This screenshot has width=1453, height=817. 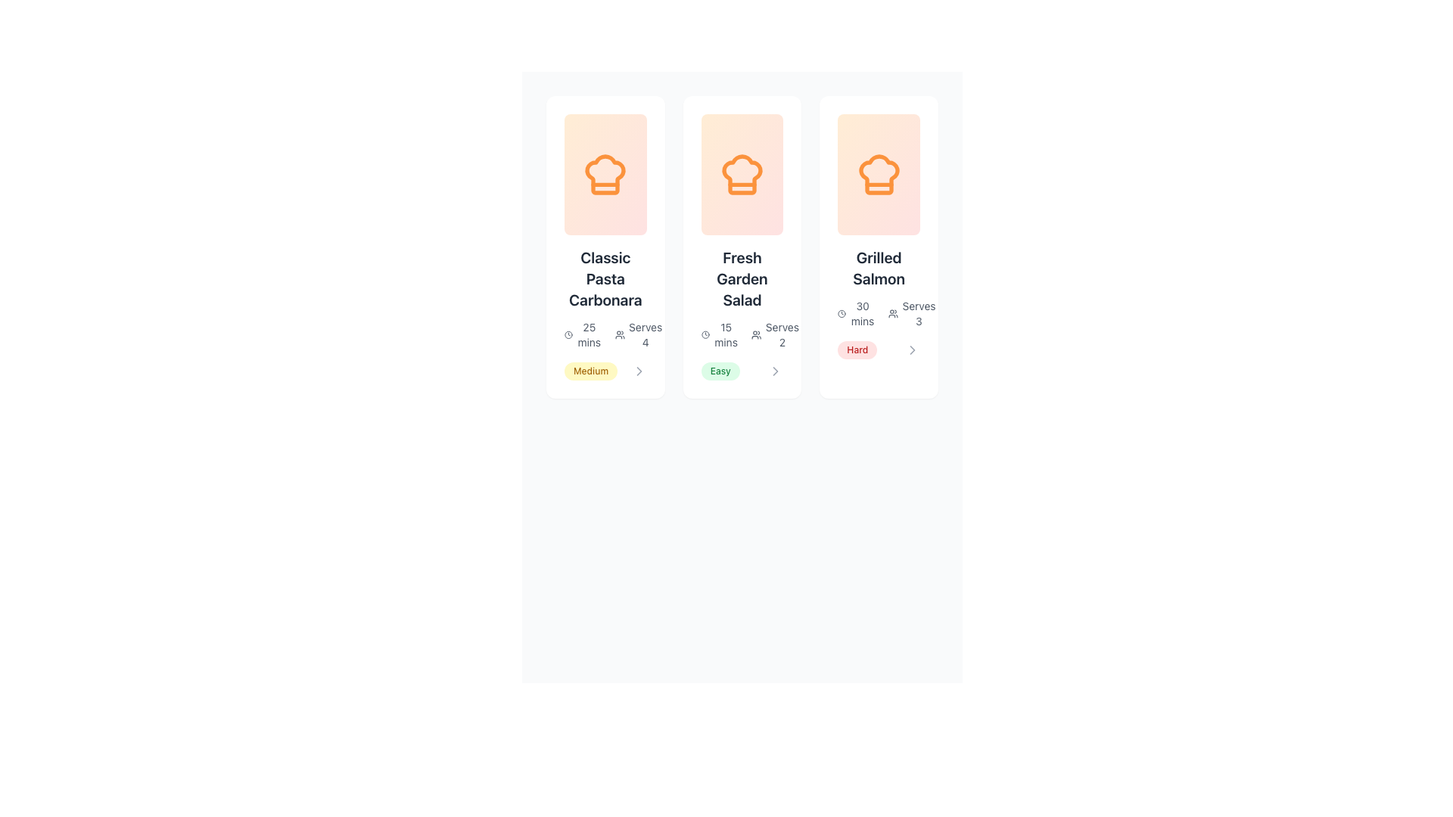 I want to click on the informational text with timer and serving information for the 'Grilled Salmon' recipe, which displays '30 mins' with a clock icon and 'Serves 3' with a people icon, so click(x=879, y=313).